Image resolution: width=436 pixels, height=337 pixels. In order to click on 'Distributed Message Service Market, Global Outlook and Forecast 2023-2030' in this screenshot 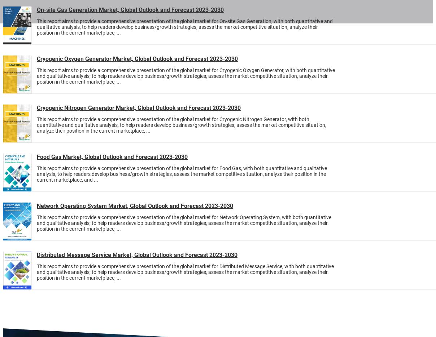, I will do `click(36, 254)`.